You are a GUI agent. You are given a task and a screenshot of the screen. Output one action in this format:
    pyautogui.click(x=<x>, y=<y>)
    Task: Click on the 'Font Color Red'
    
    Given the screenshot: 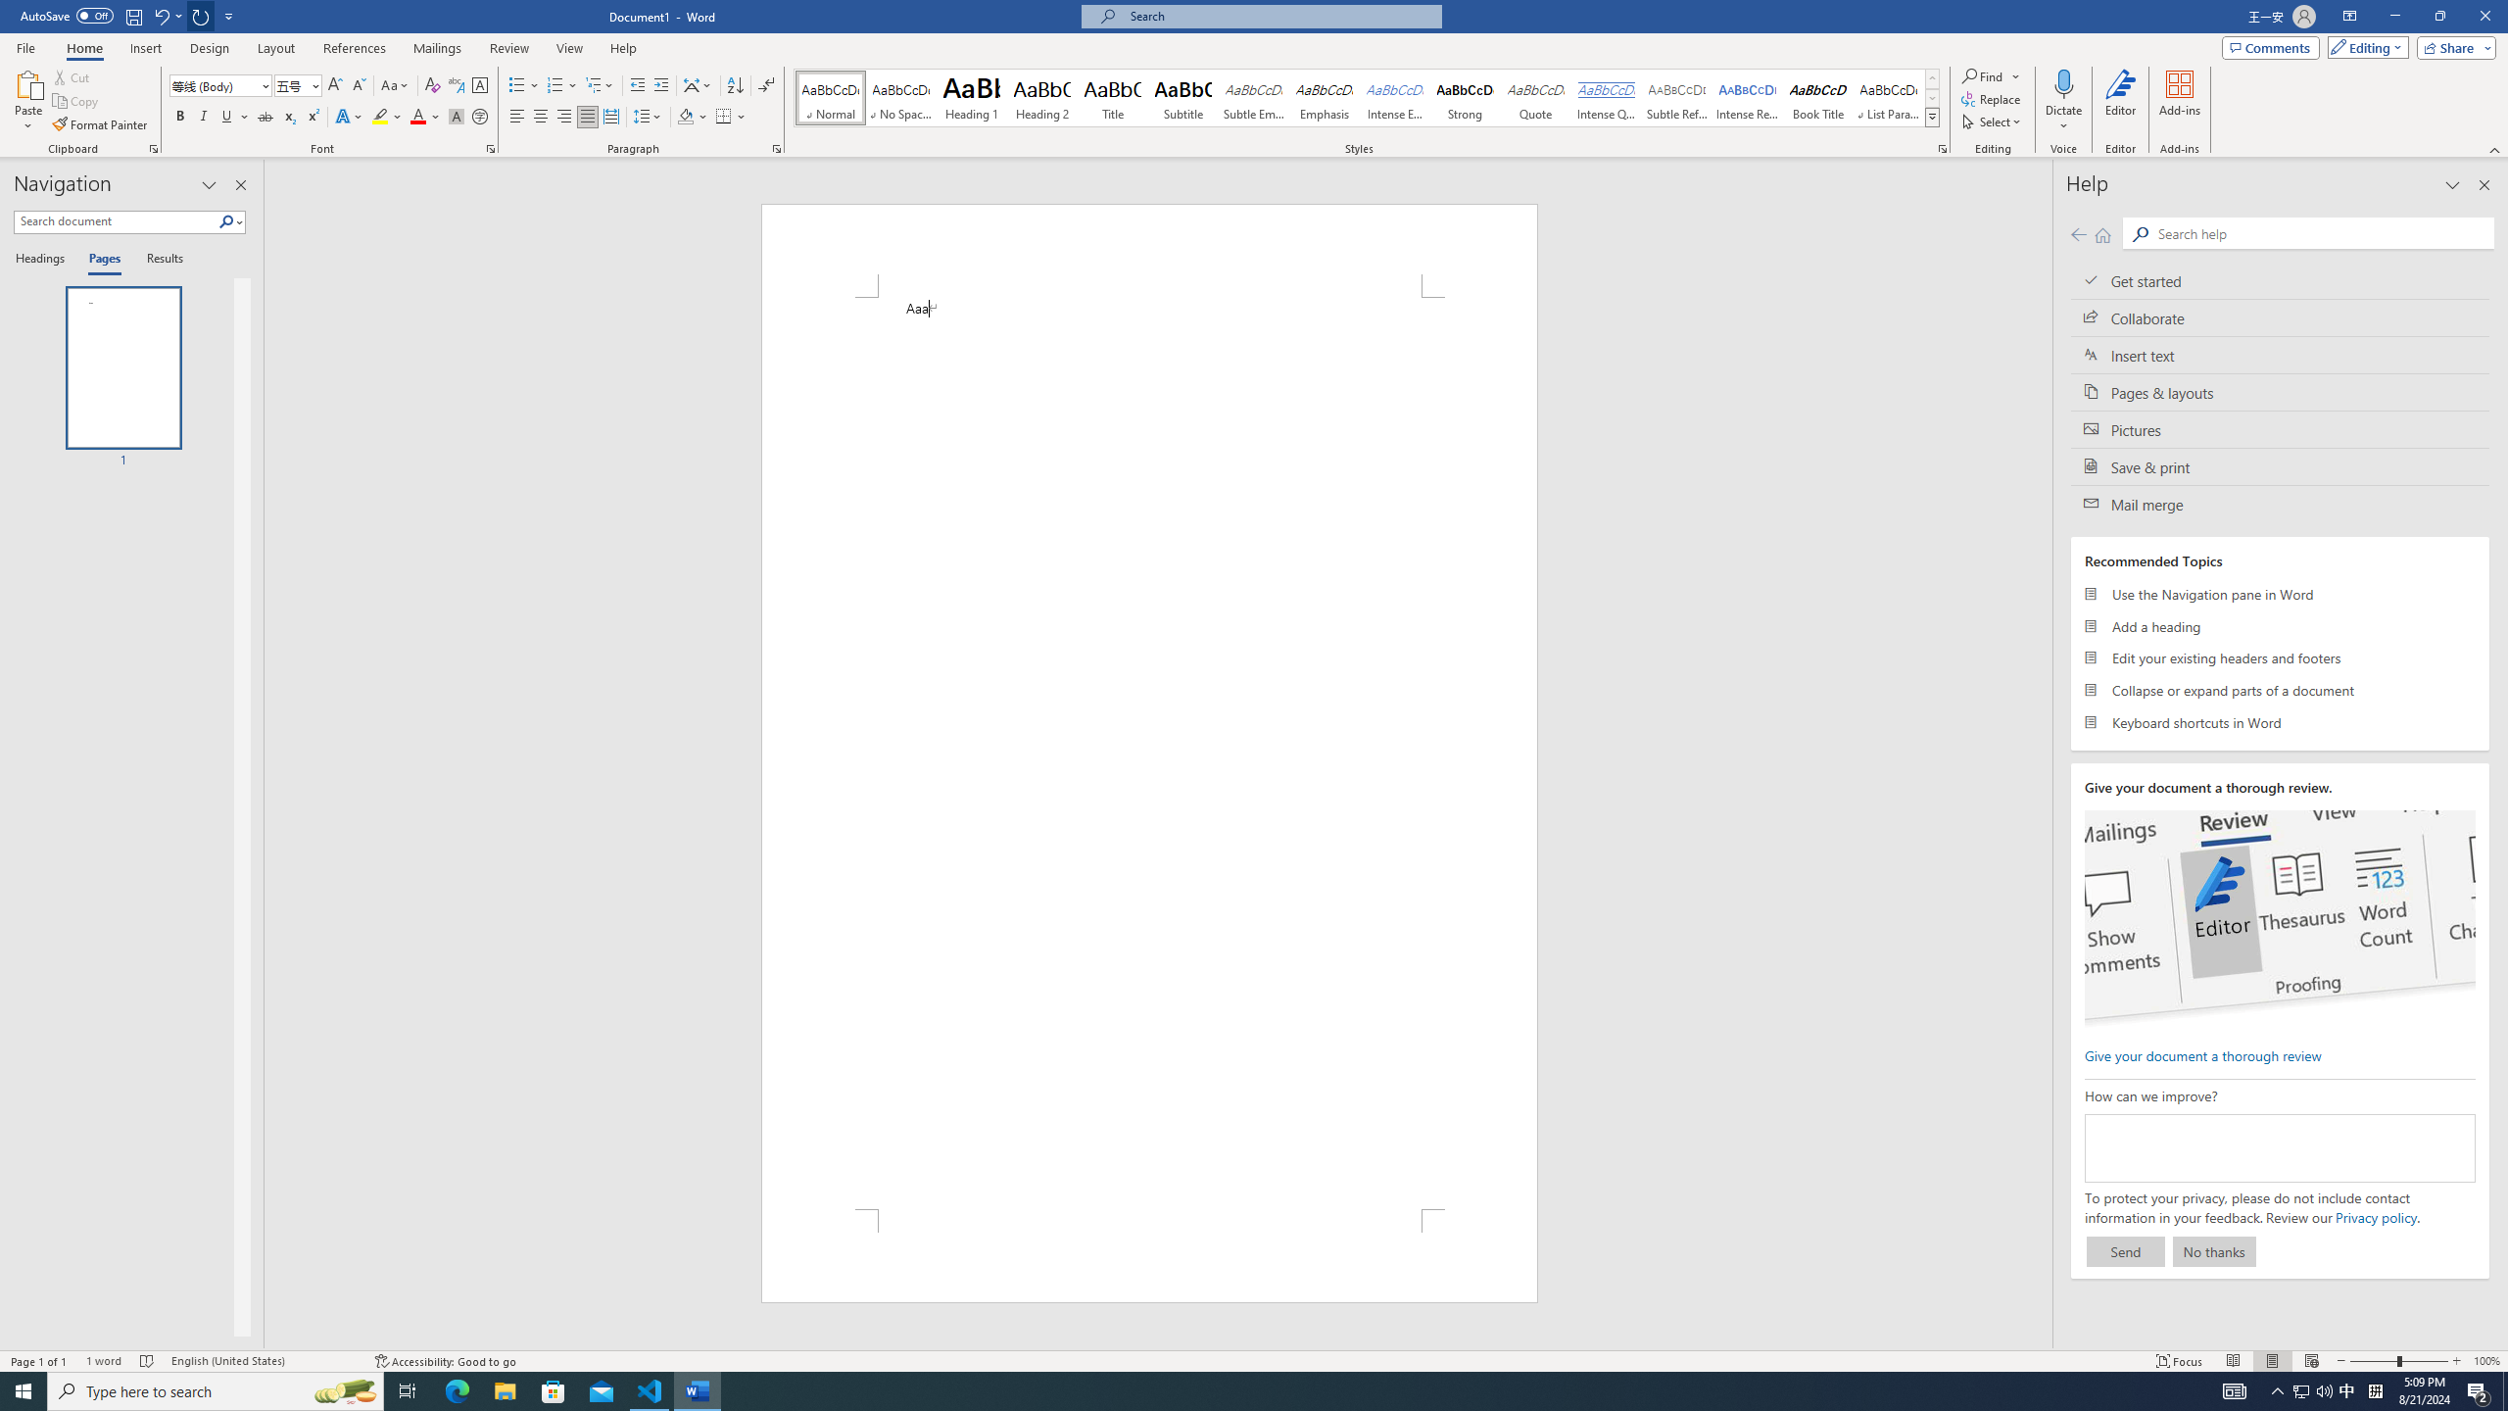 What is the action you would take?
    pyautogui.click(x=416, y=116)
    